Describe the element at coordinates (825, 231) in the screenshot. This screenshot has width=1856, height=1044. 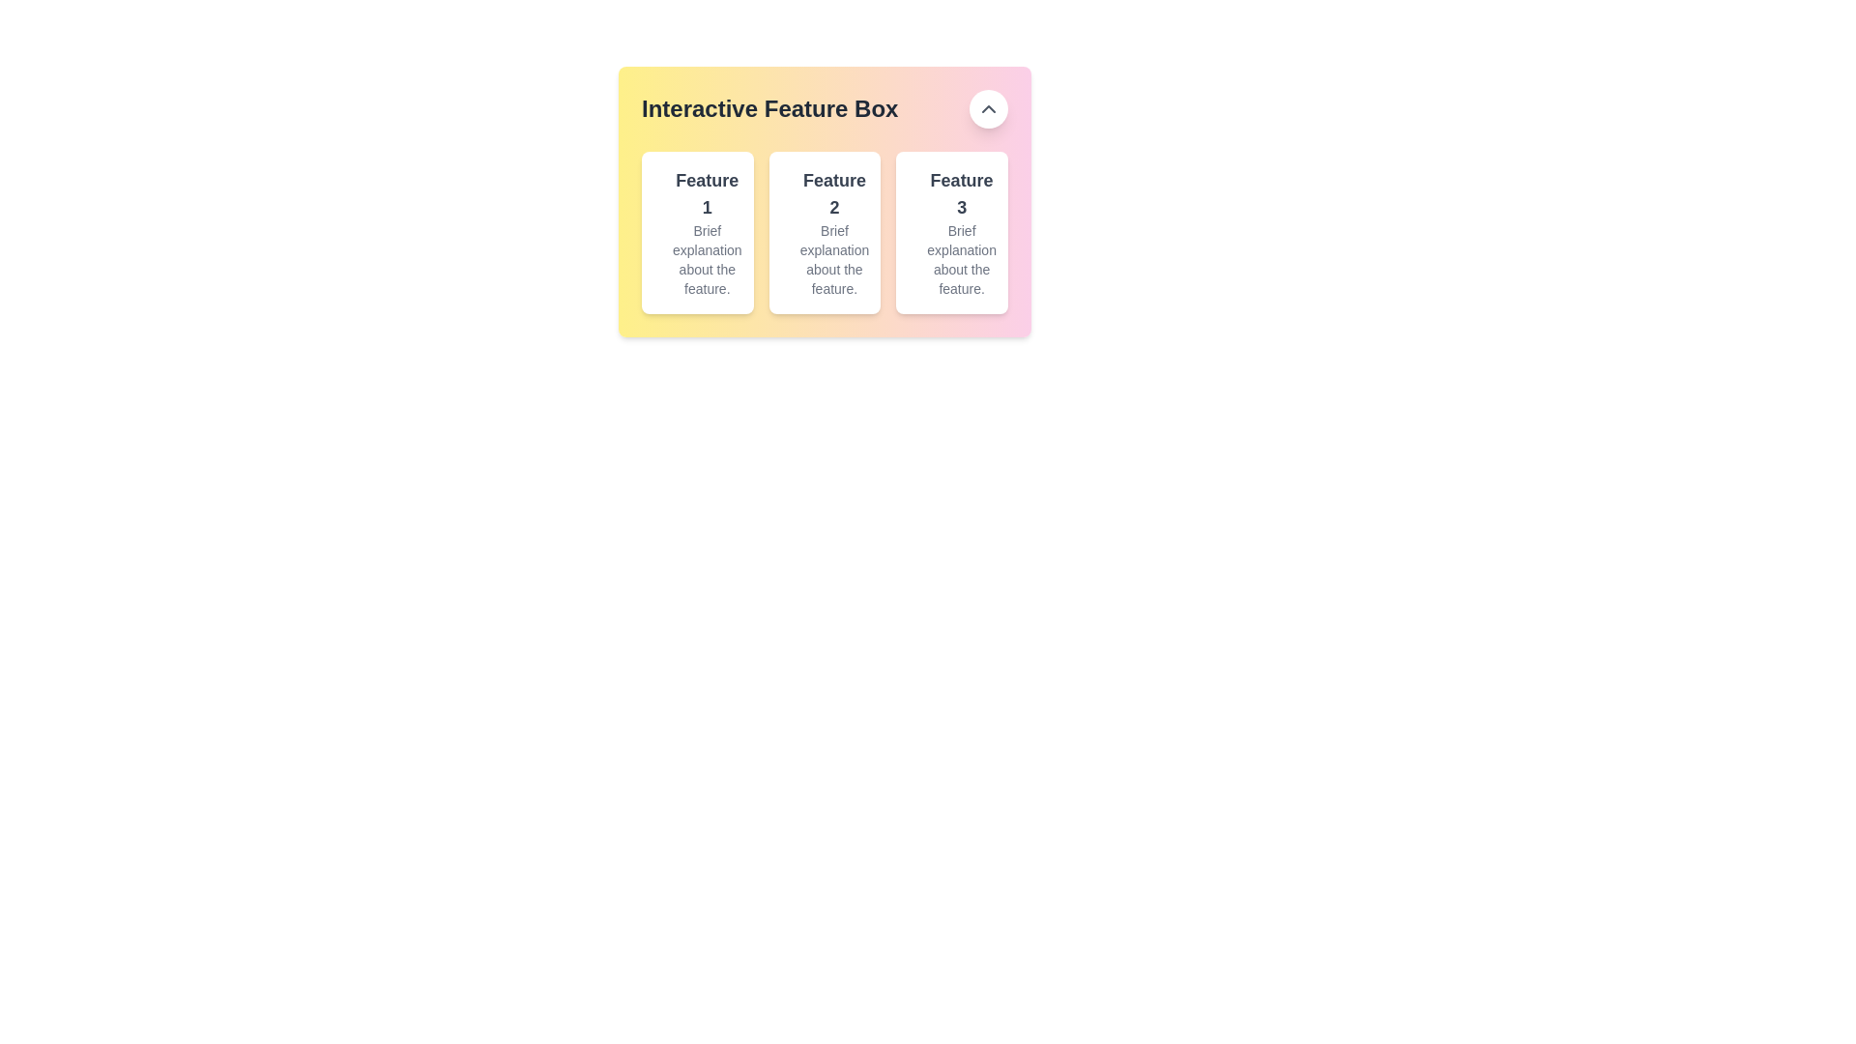
I see `the Informational Card displaying information about 'Feature 2', which is the second card in a horizontal grid of three cards` at that location.